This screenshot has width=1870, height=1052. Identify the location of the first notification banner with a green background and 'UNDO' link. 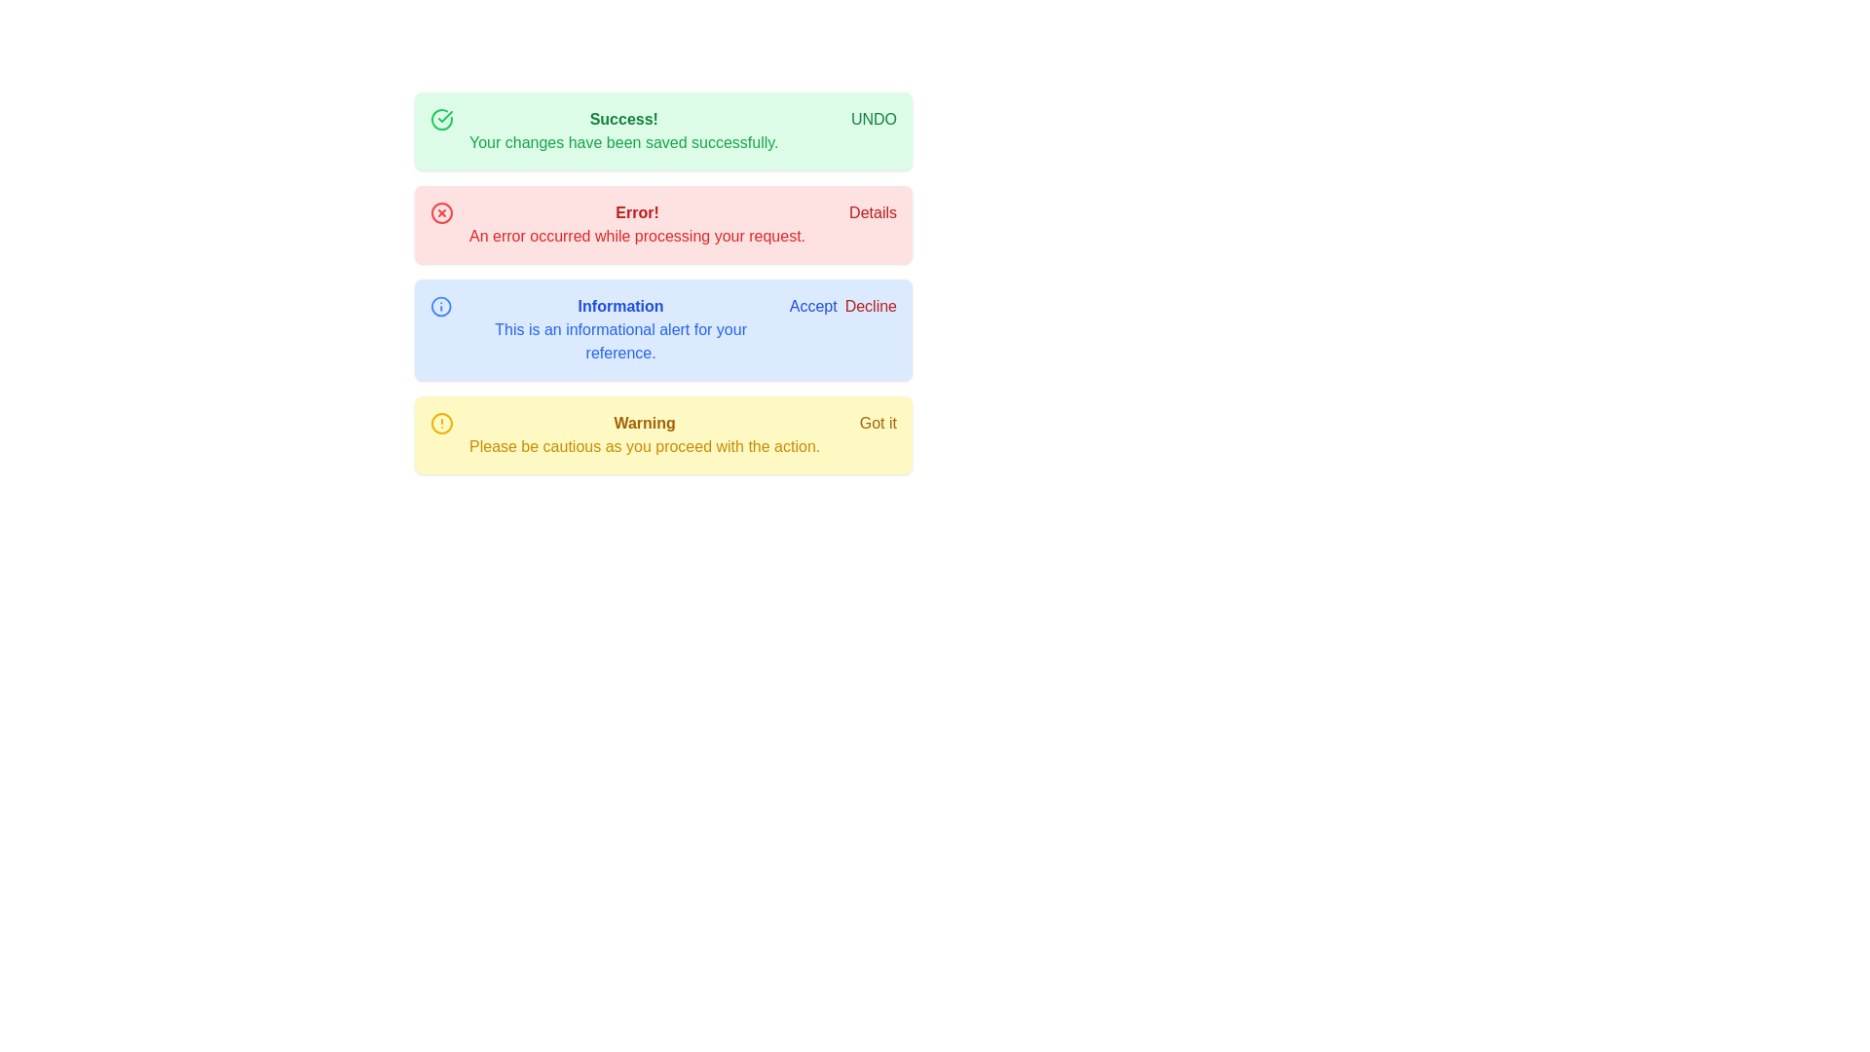
(663, 131).